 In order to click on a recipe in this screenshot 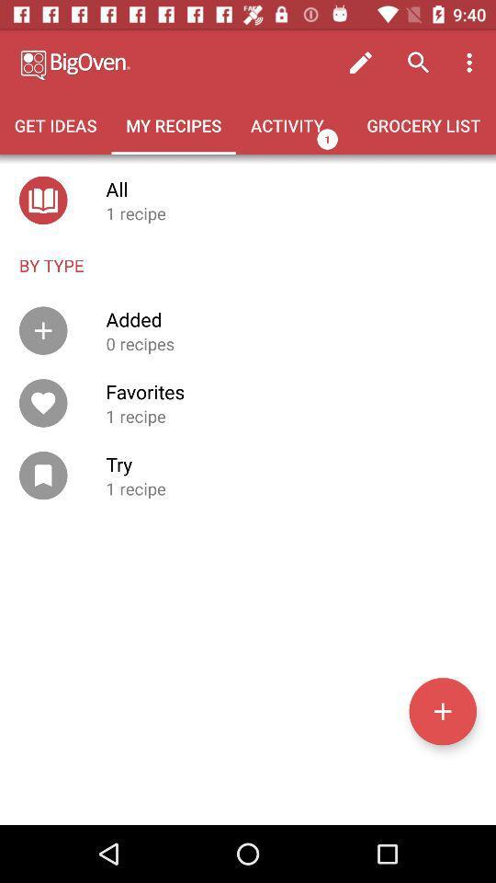, I will do `click(442, 710)`.